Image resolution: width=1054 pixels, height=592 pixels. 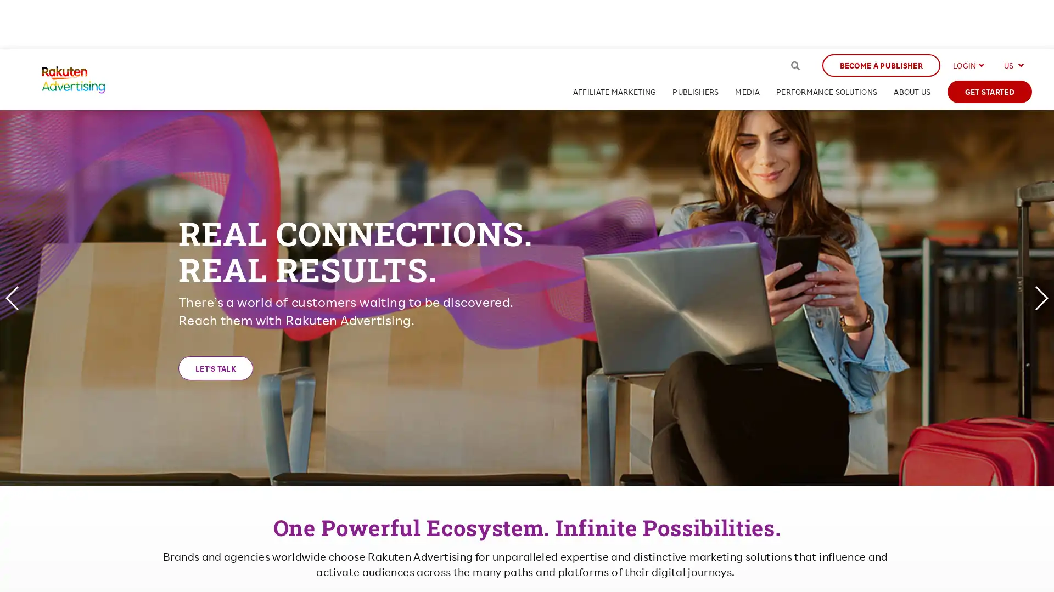 What do you see at coordinates (1040, 298) in the screenshot?
I see `Next slide` at bounding box center [1040, 298].